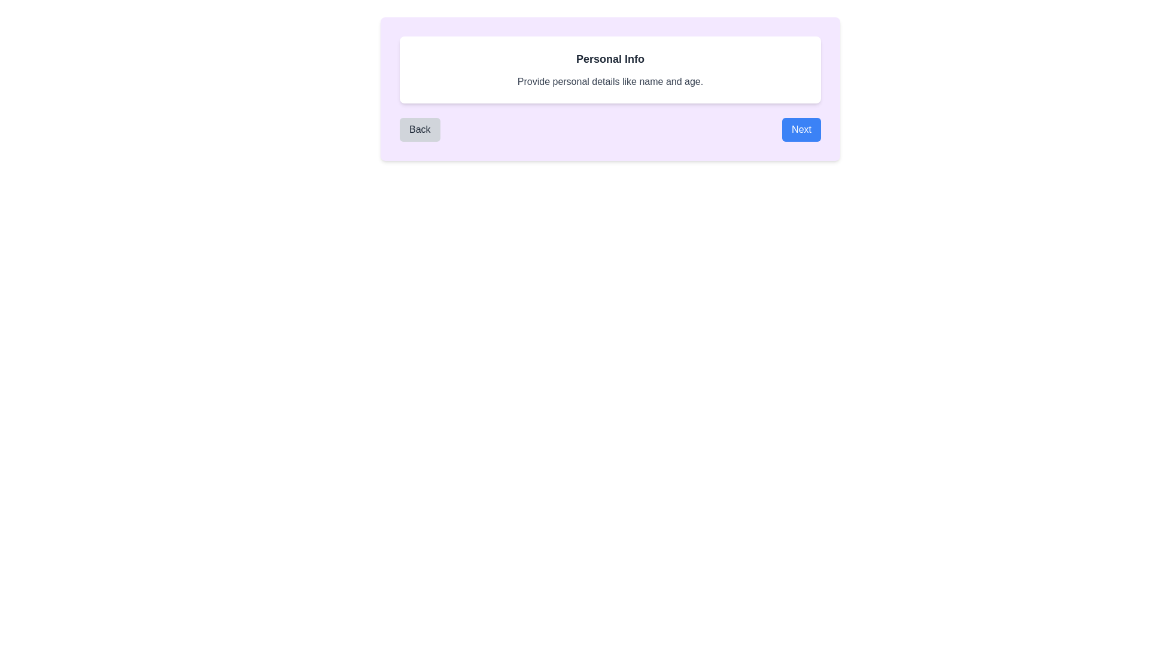  Describe the element at coordinates (420, 129) in the screenshot. I see `the 'Back' button to navigate to the previous page` at that location.